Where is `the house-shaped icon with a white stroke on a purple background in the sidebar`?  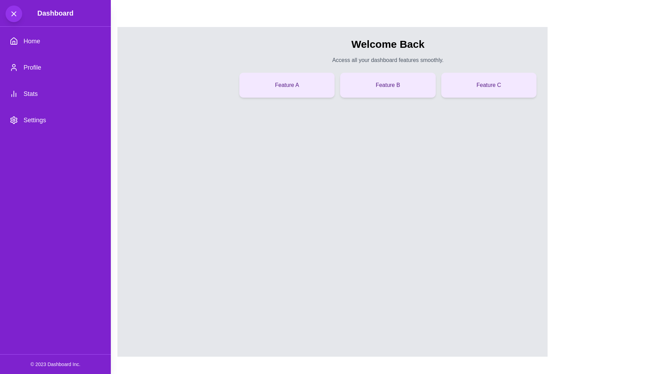 the house-shaped icon with a white stroke on a purple background in the sidebar is located at coordinates (14, 41).